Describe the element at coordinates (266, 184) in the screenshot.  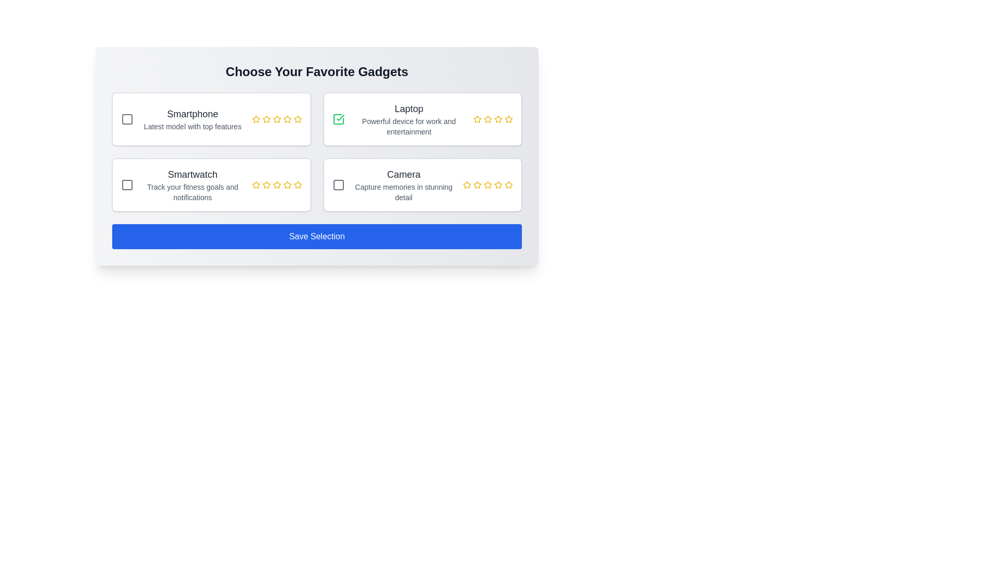
I see `the third star-shaped rating icon in yellow beside the label 'Smartwatch' to rate it` at that location.